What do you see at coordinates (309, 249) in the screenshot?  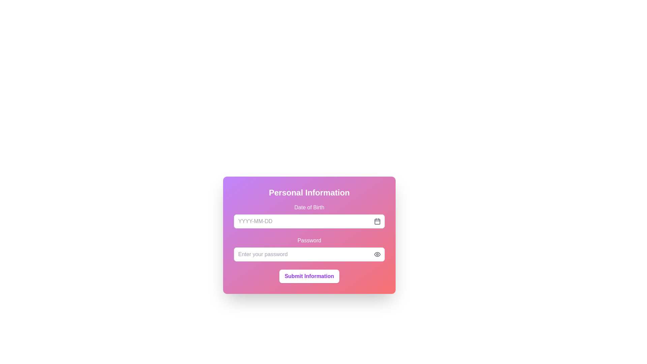 I see `the visibility toggle button of the Password input field located within the 'Personal Information' form` at bounding box center [309, 249].